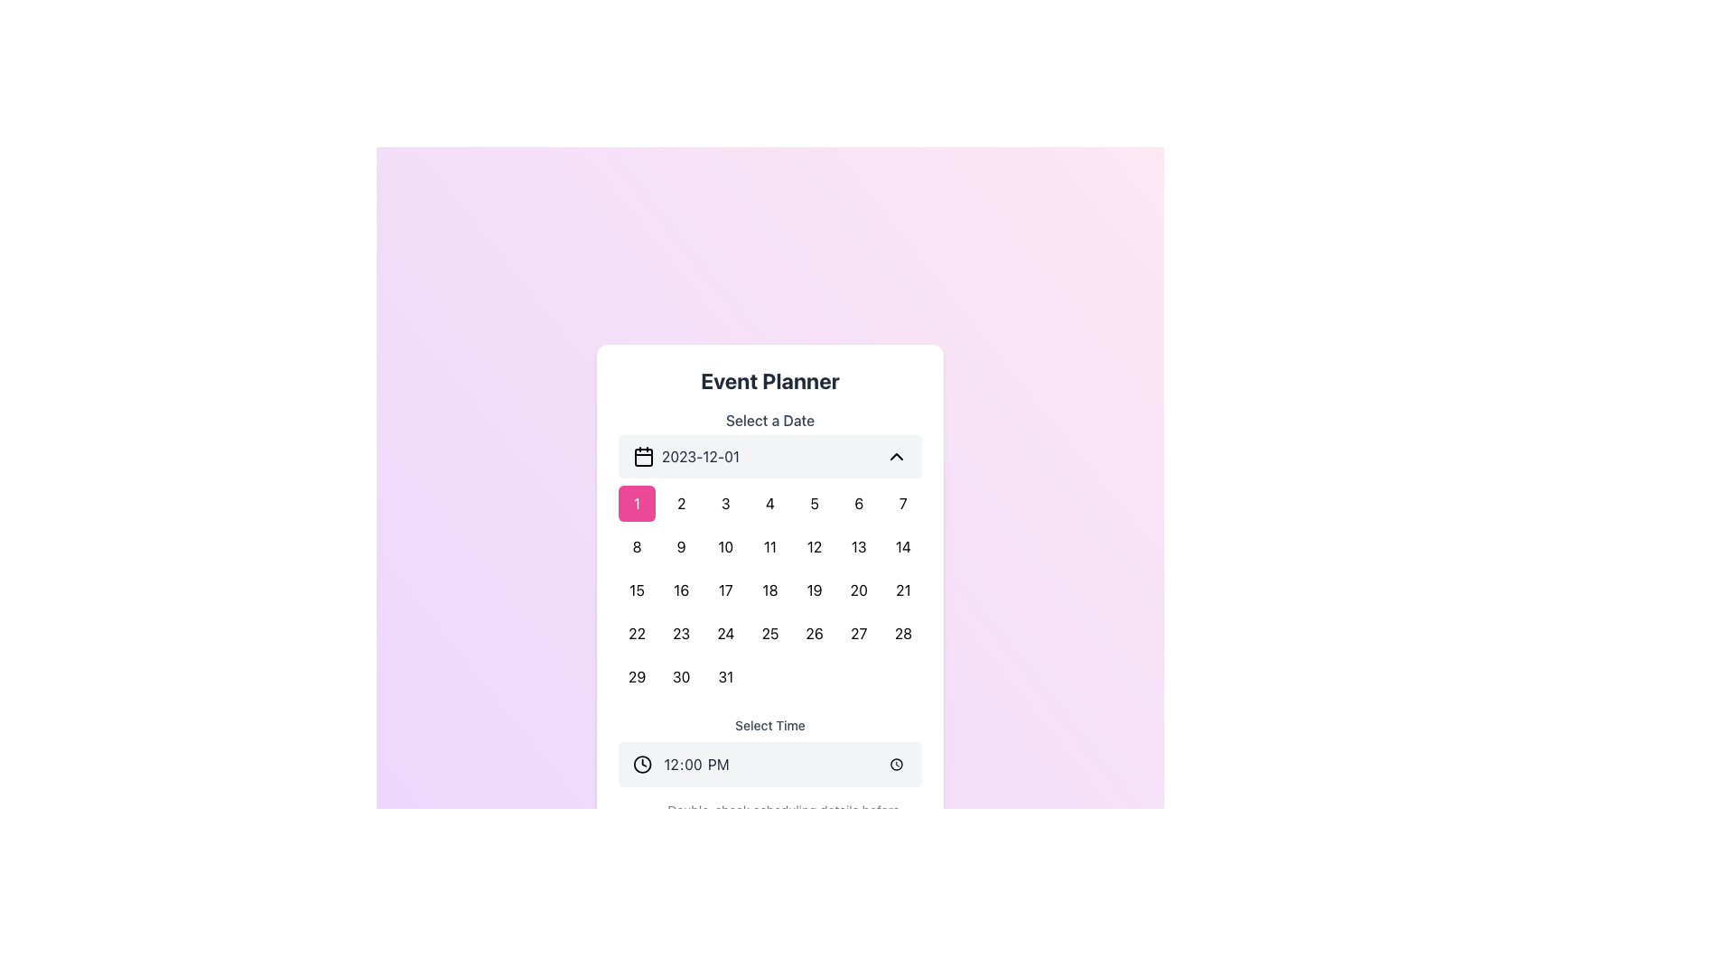  I want to click on the calendar button labeled '29' located in the first cell of the last row, so click(637, 676).